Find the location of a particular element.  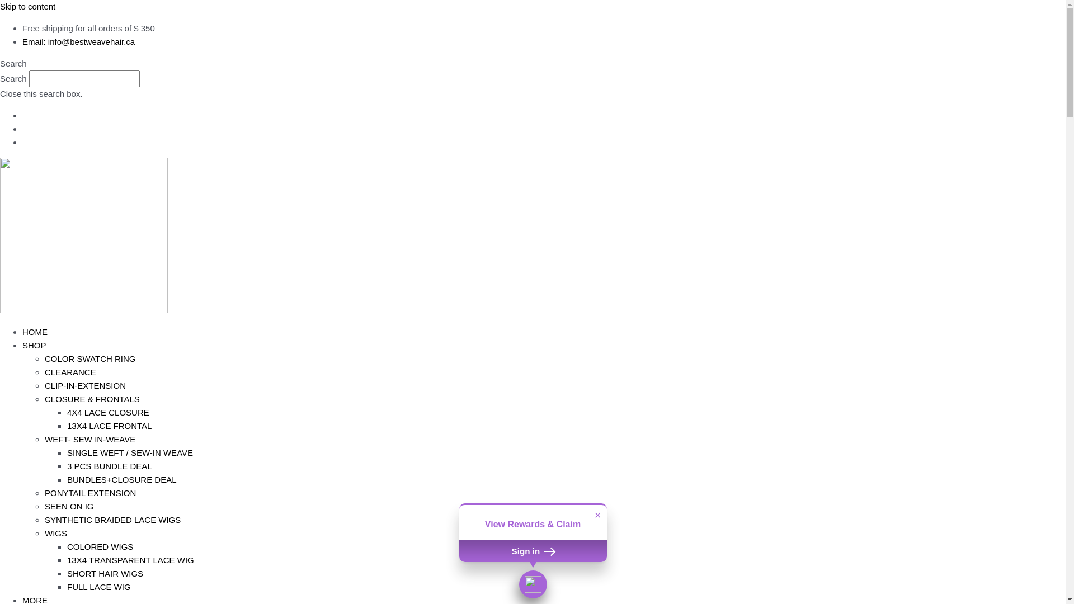

'13X4 TRANSPARENT LACE WIG' is located at coordinates (130, 560).